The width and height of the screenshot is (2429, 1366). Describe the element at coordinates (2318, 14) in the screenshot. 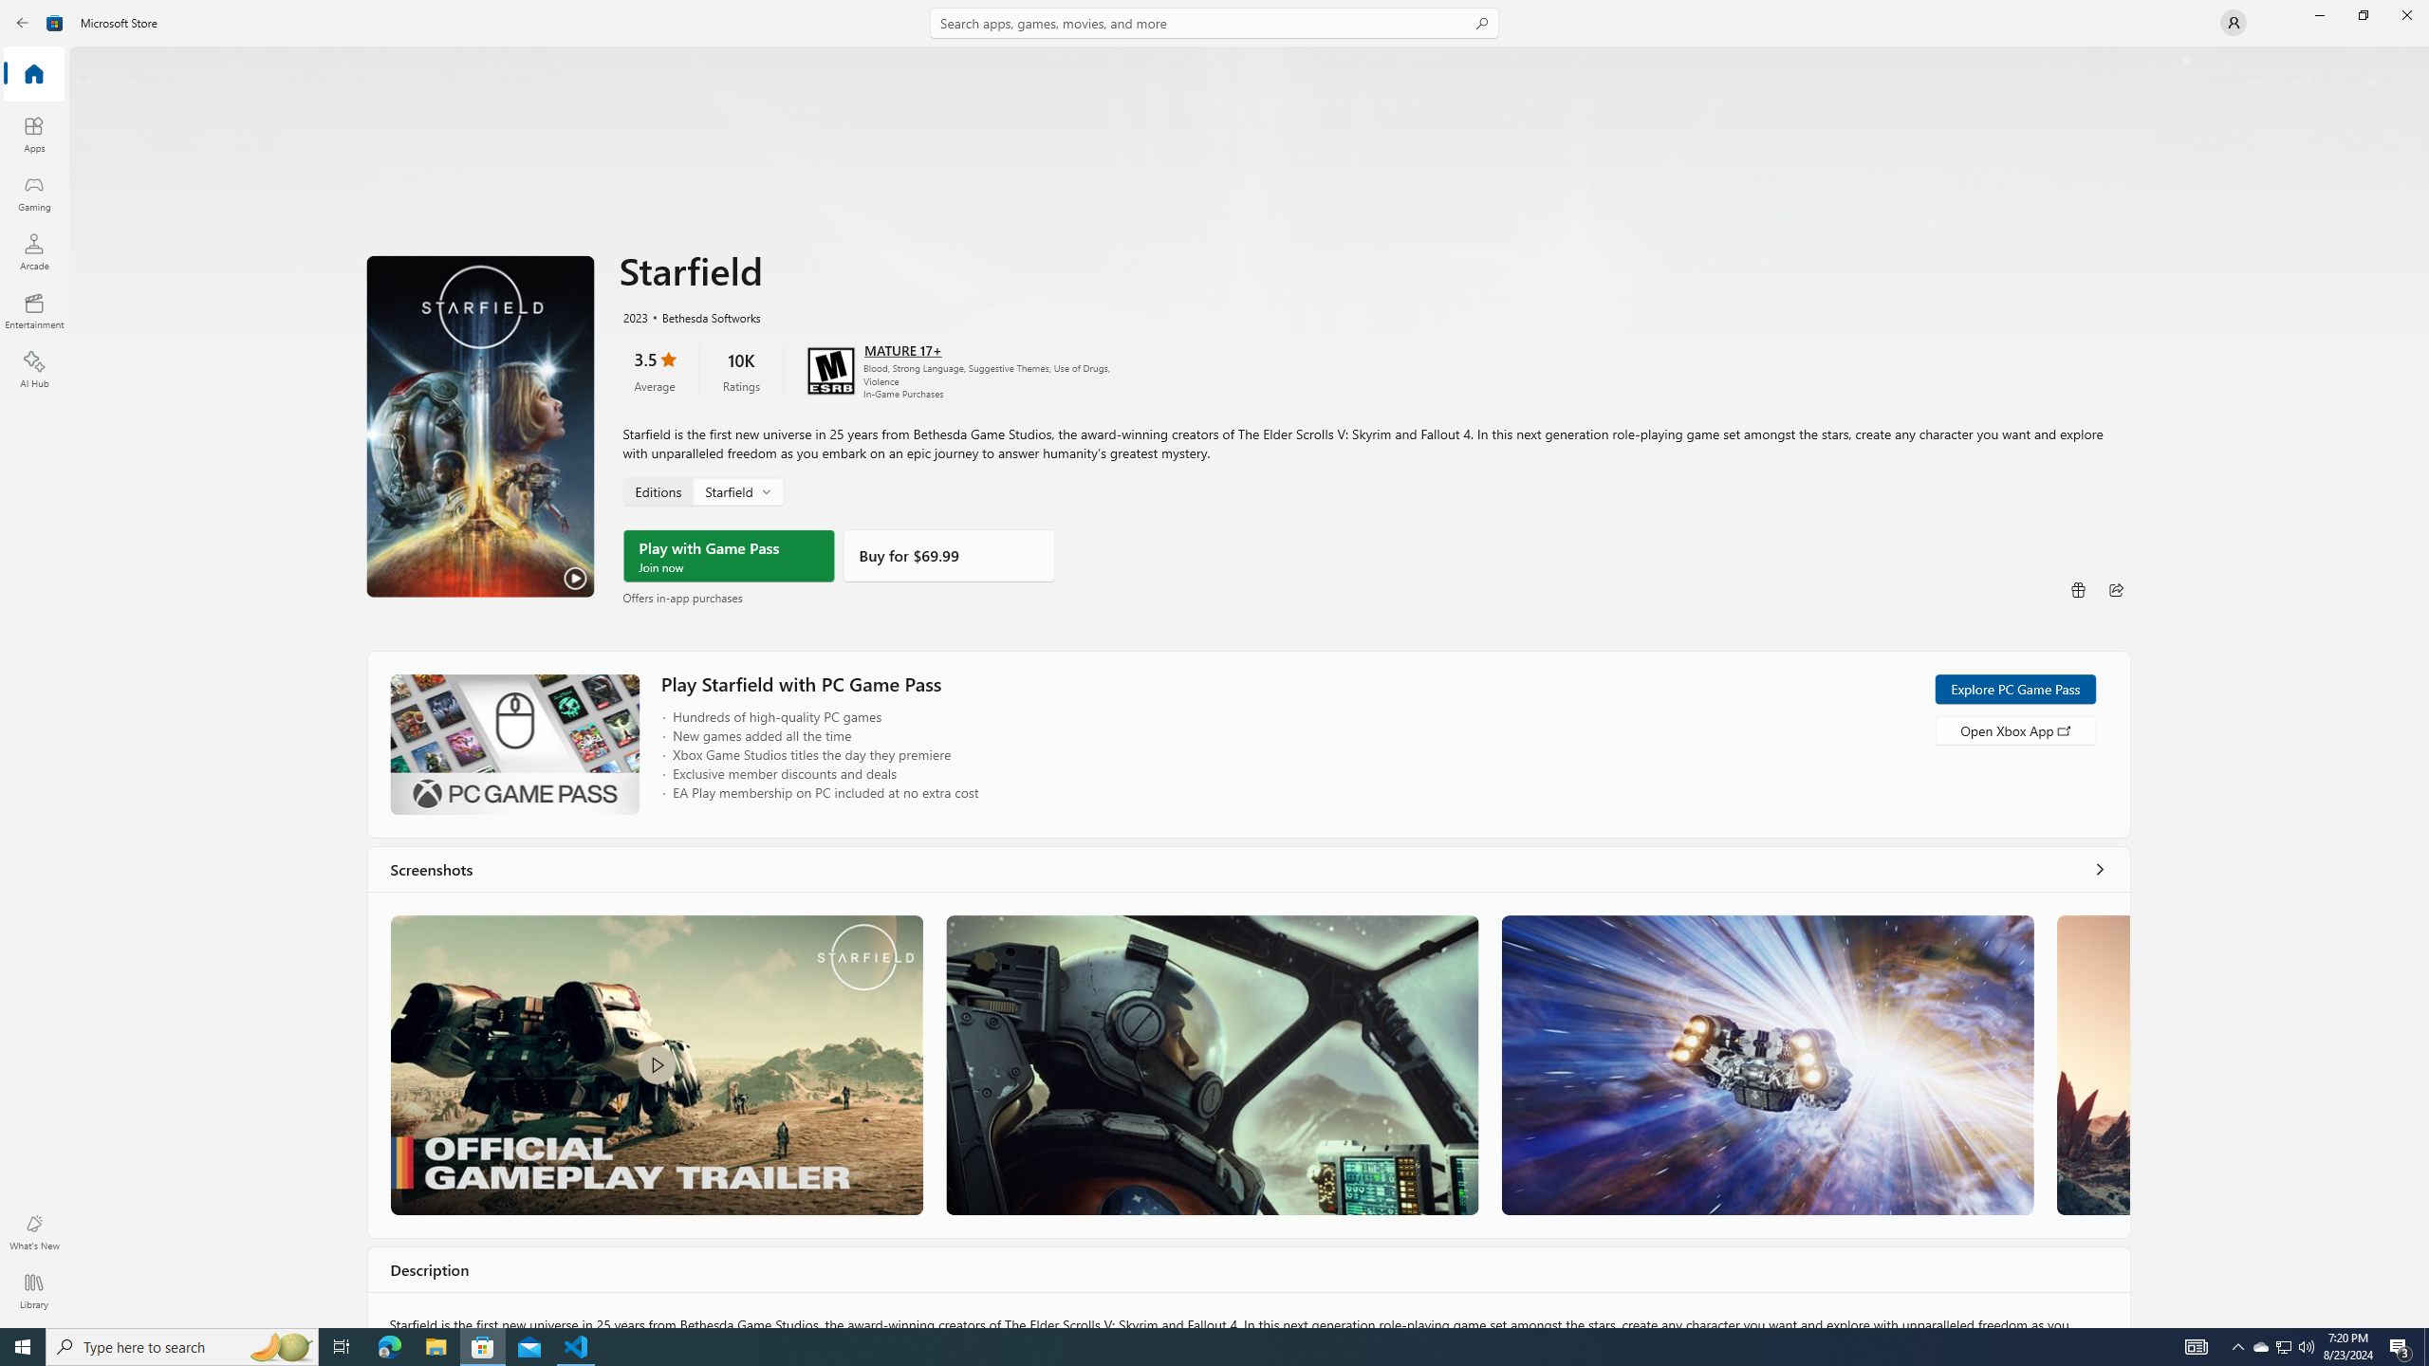

I see `'Minimize Microsoft Store'` at that location.